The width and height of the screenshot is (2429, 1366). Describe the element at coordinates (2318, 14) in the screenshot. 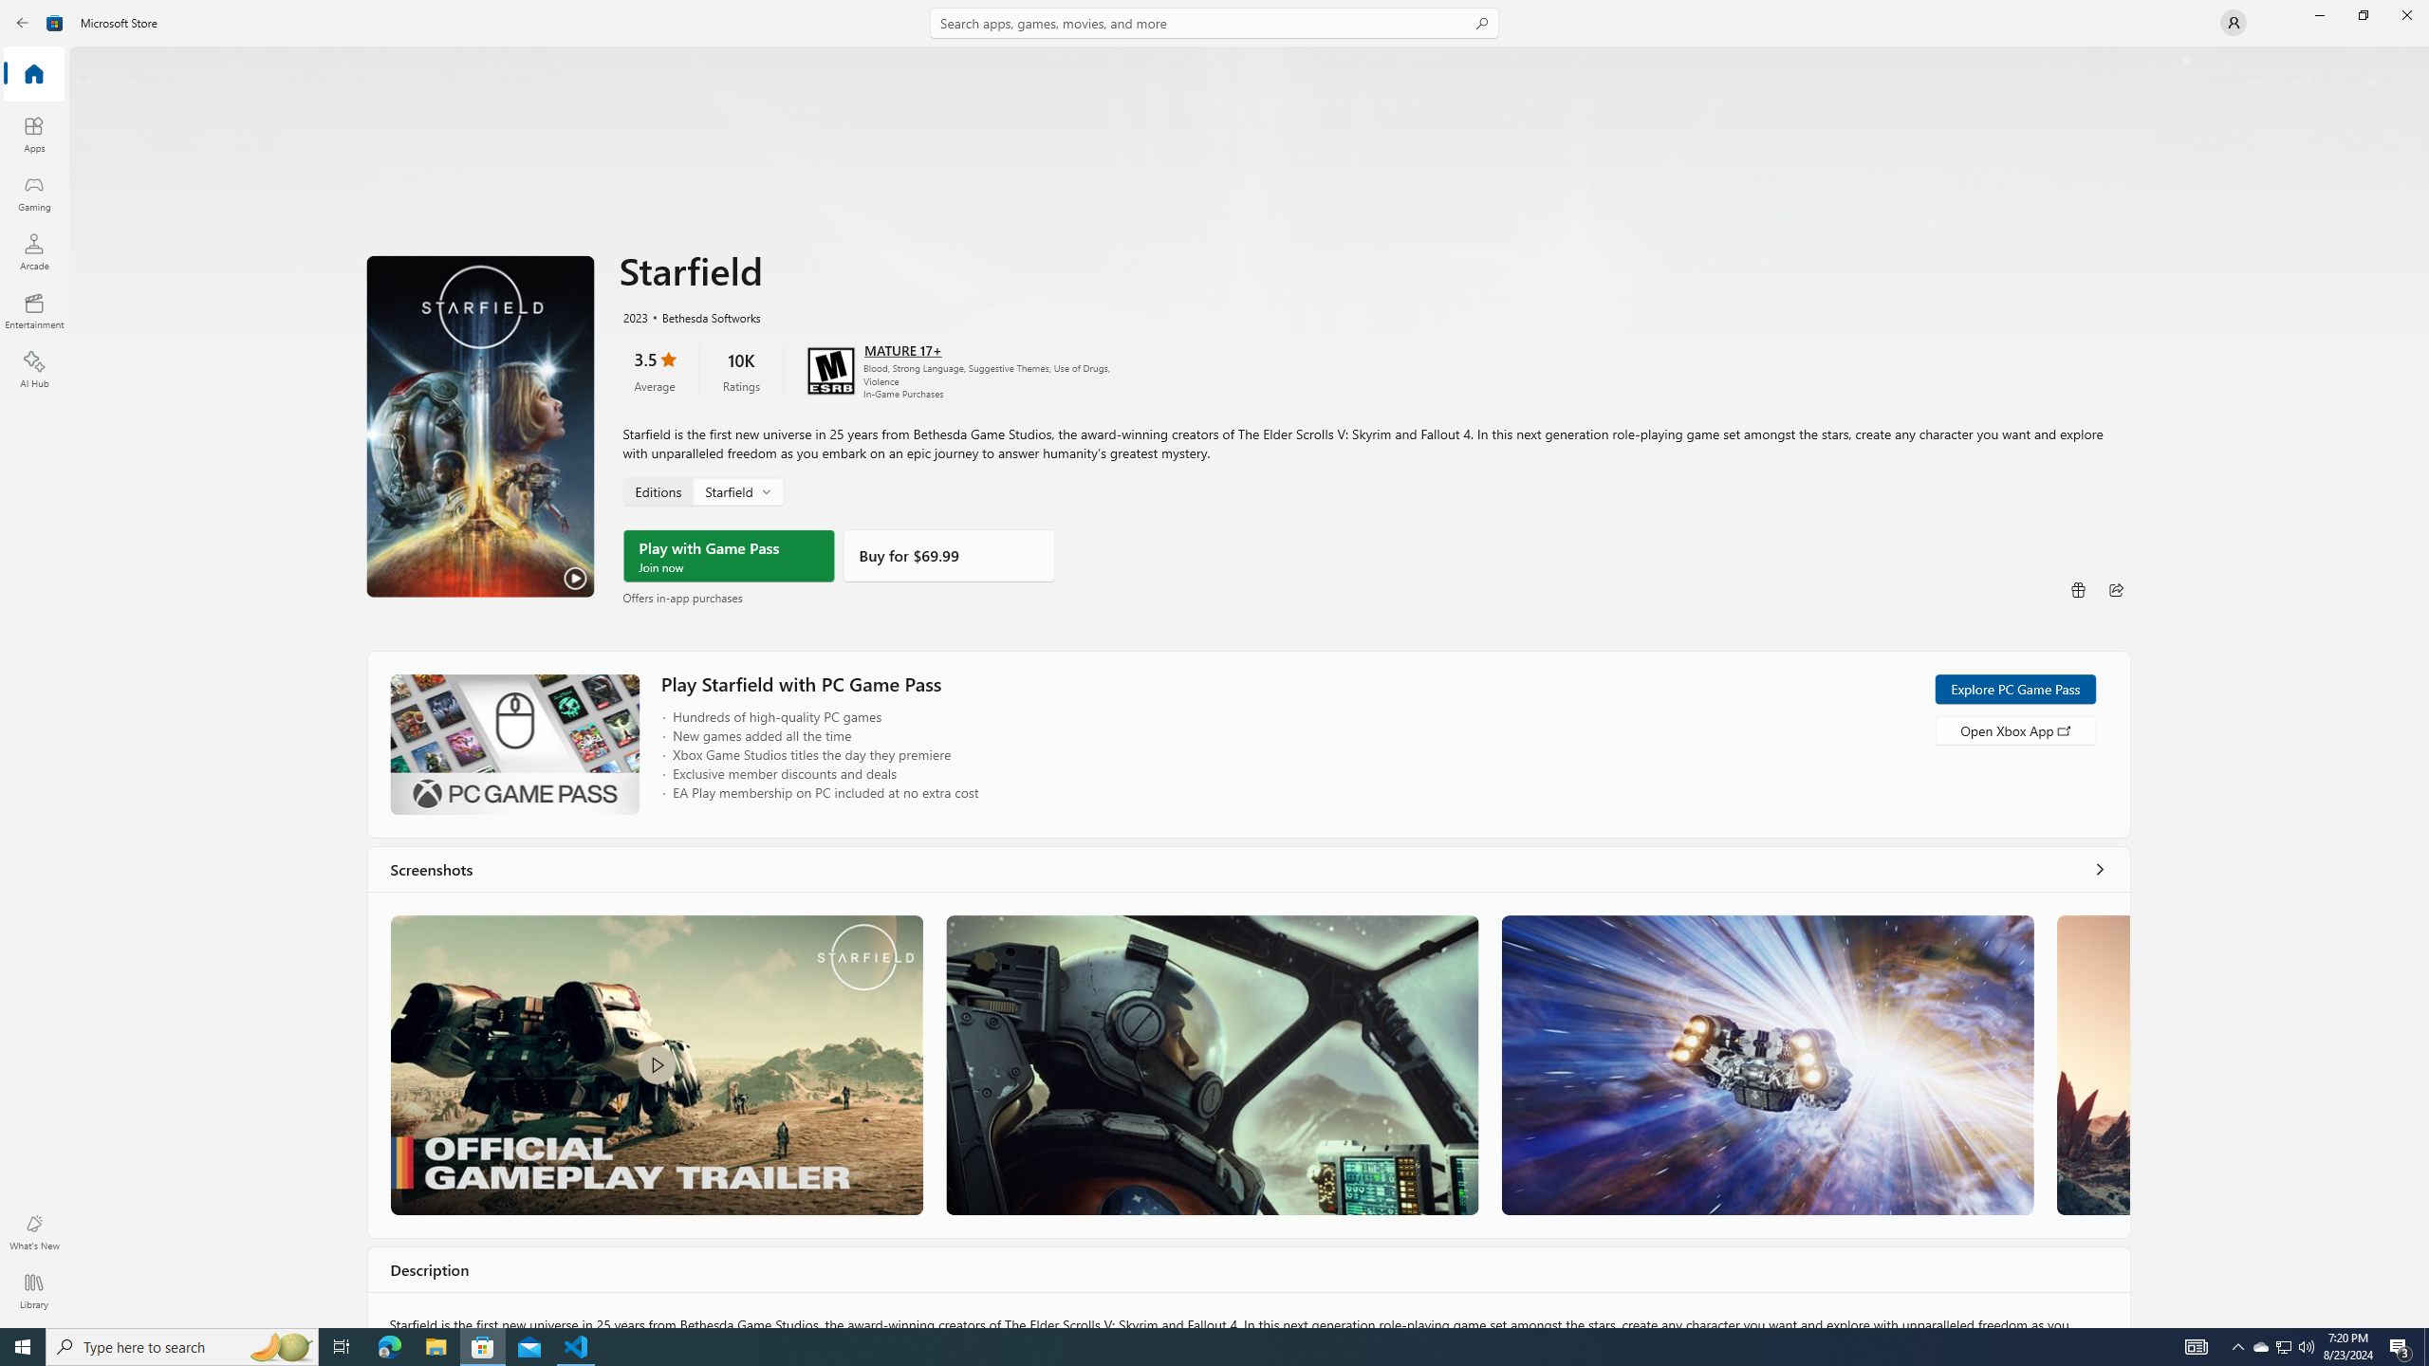

I see `'Minimize Microsoft Store'` at that location.